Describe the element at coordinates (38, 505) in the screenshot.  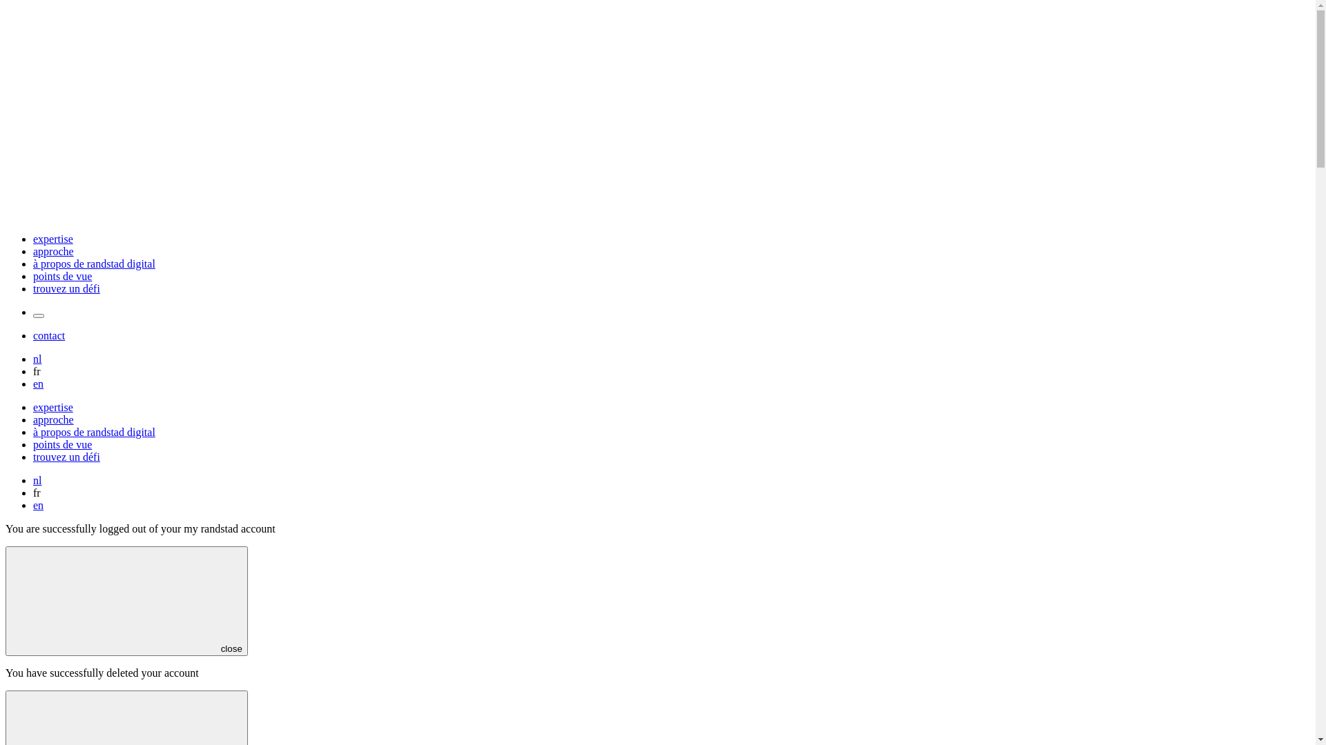
I see `'en'` at that location.